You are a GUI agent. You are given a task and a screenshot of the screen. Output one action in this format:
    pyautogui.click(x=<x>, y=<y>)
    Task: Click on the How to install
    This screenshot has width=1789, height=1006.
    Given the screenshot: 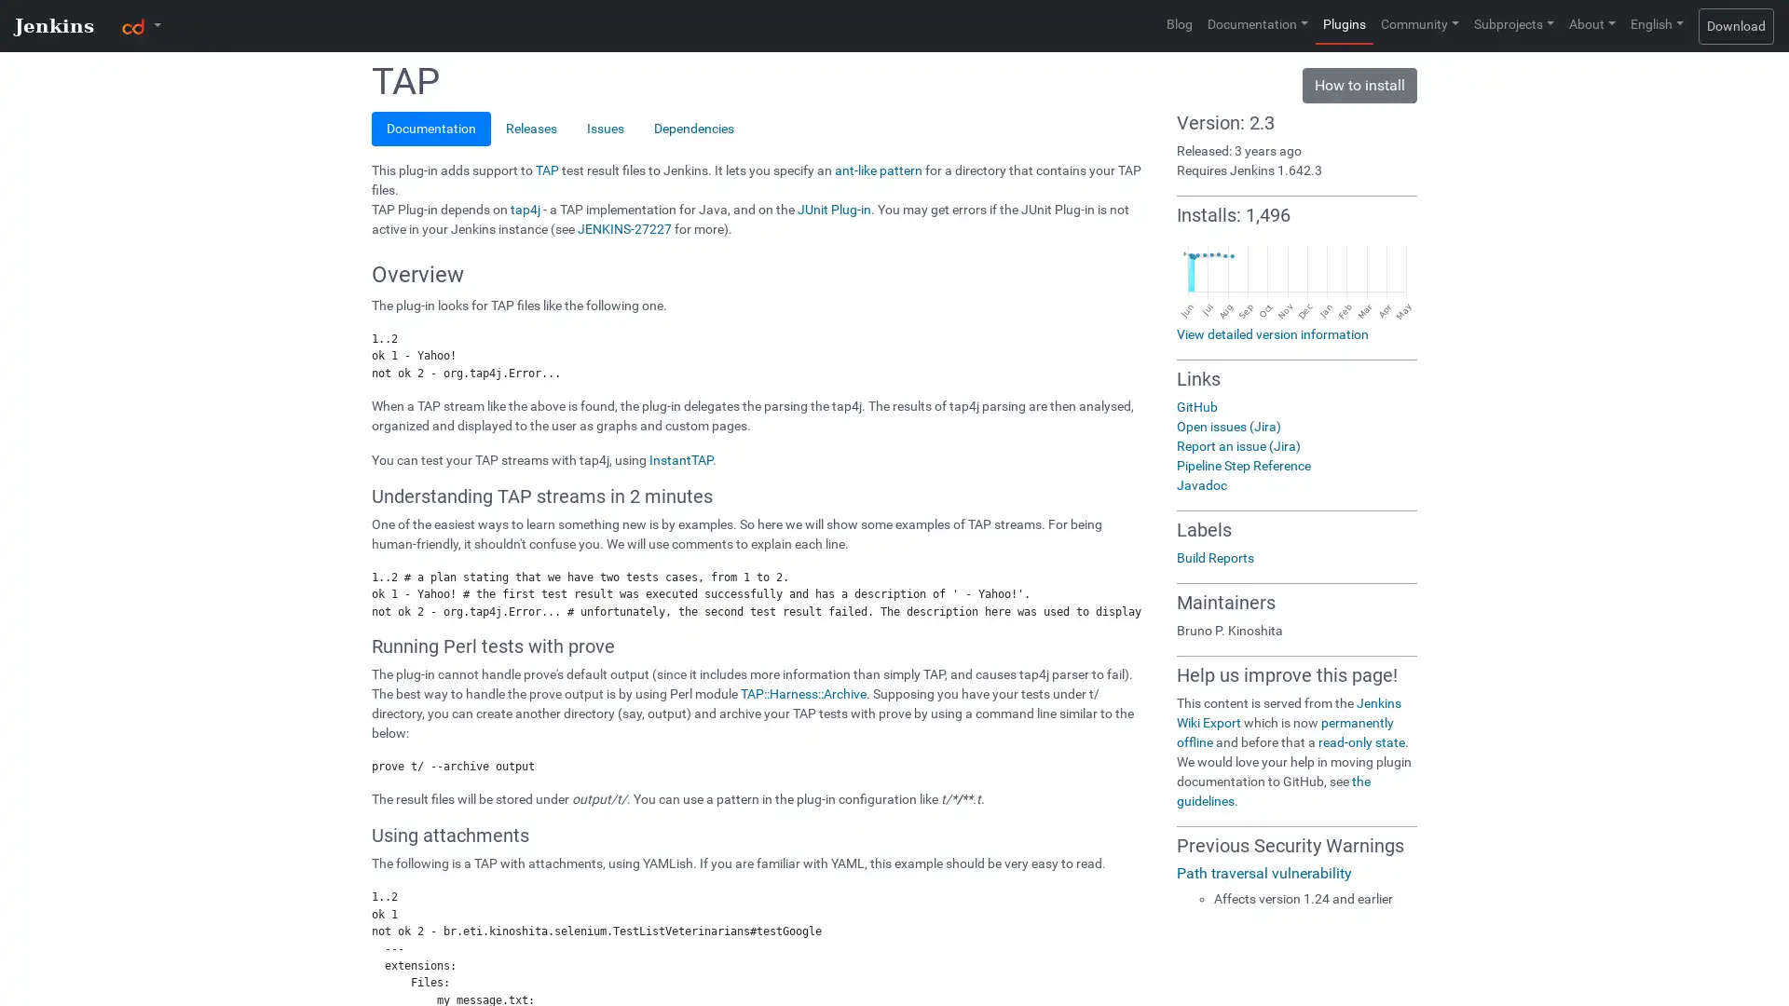 What is the action you would take?
    pyautogui.click(x=1359, y=86)
    